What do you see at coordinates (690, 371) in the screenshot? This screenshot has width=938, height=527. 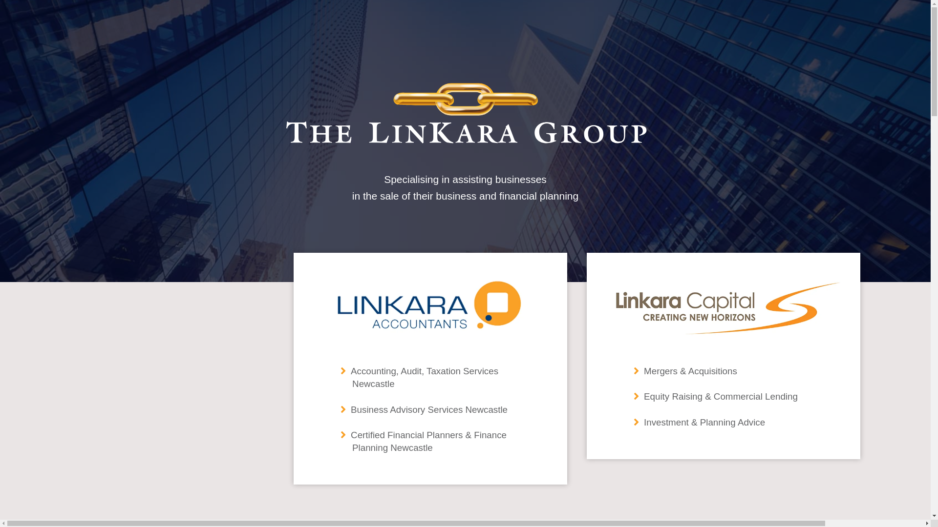 I see `'Mergers & Acquisitions'` at bounding box center [690, 371].